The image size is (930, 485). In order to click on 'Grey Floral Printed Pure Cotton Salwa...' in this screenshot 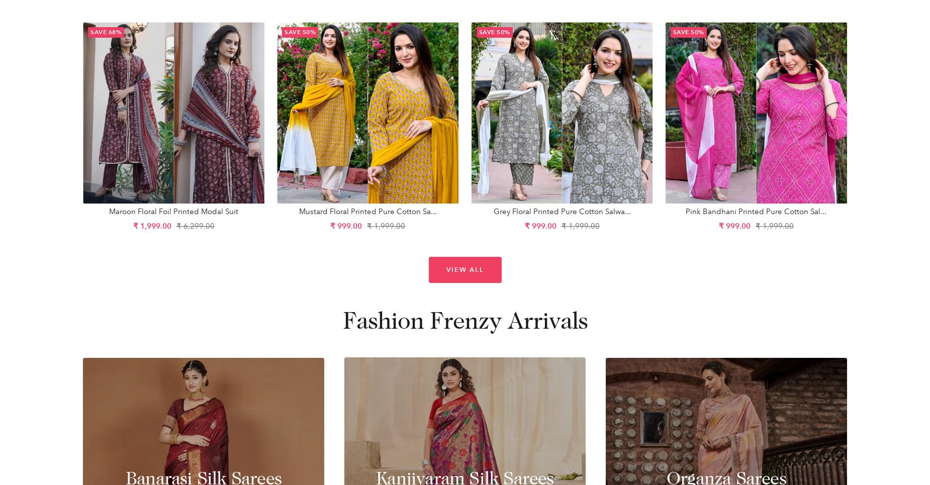, I will do `click(561, 212)`.